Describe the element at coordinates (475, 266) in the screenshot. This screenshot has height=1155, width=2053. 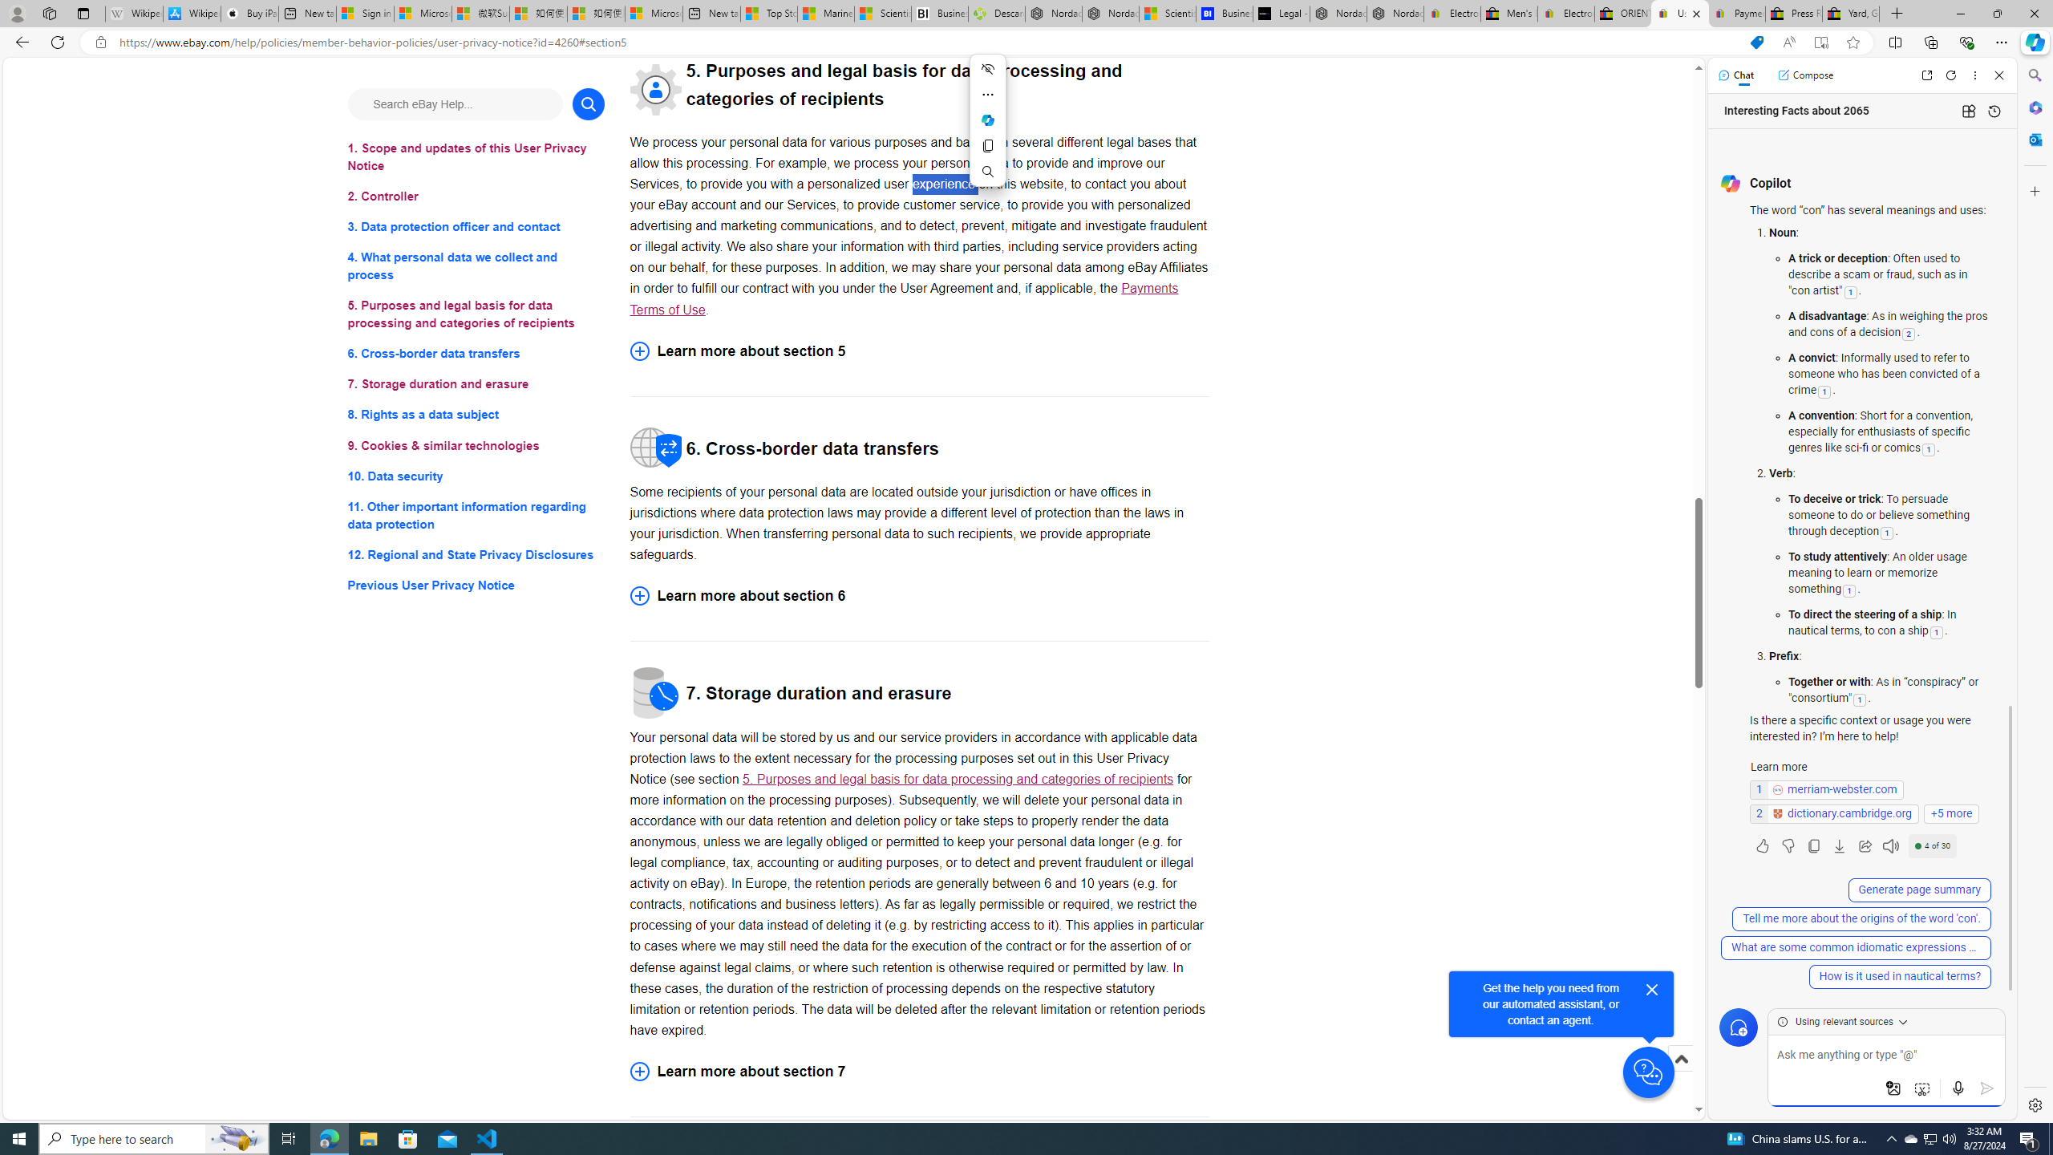
I see `'4. What personal data we collect and process'` at that location.